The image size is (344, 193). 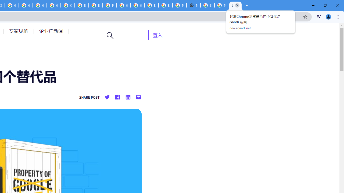 What do you see at coordinates (19, 31) in the screenshot?
I see `'AutomationID: menu-item-77764'` at bounding box center [19, 31].